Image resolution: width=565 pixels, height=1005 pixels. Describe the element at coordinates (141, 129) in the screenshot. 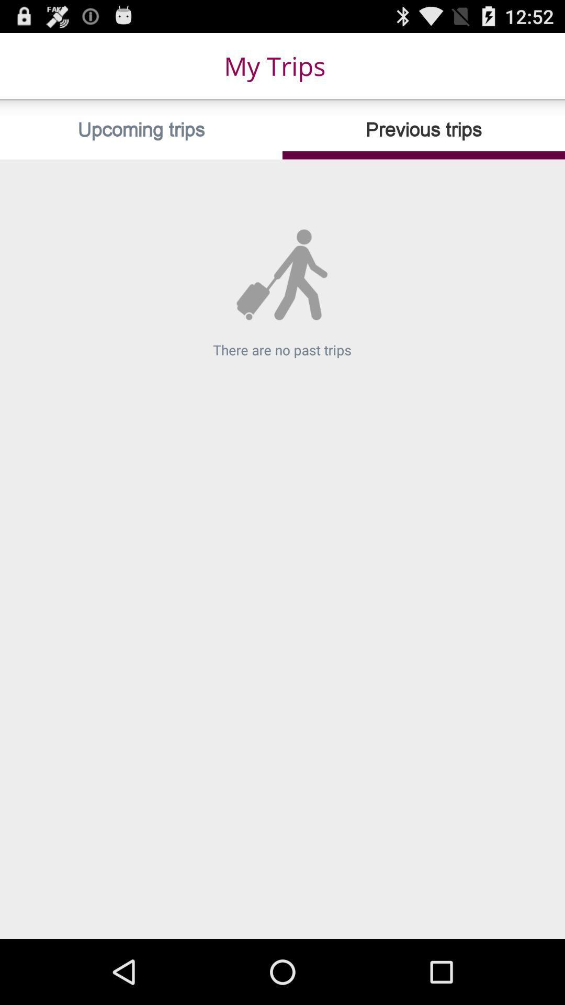

I see `upcoming trips item` at that location.